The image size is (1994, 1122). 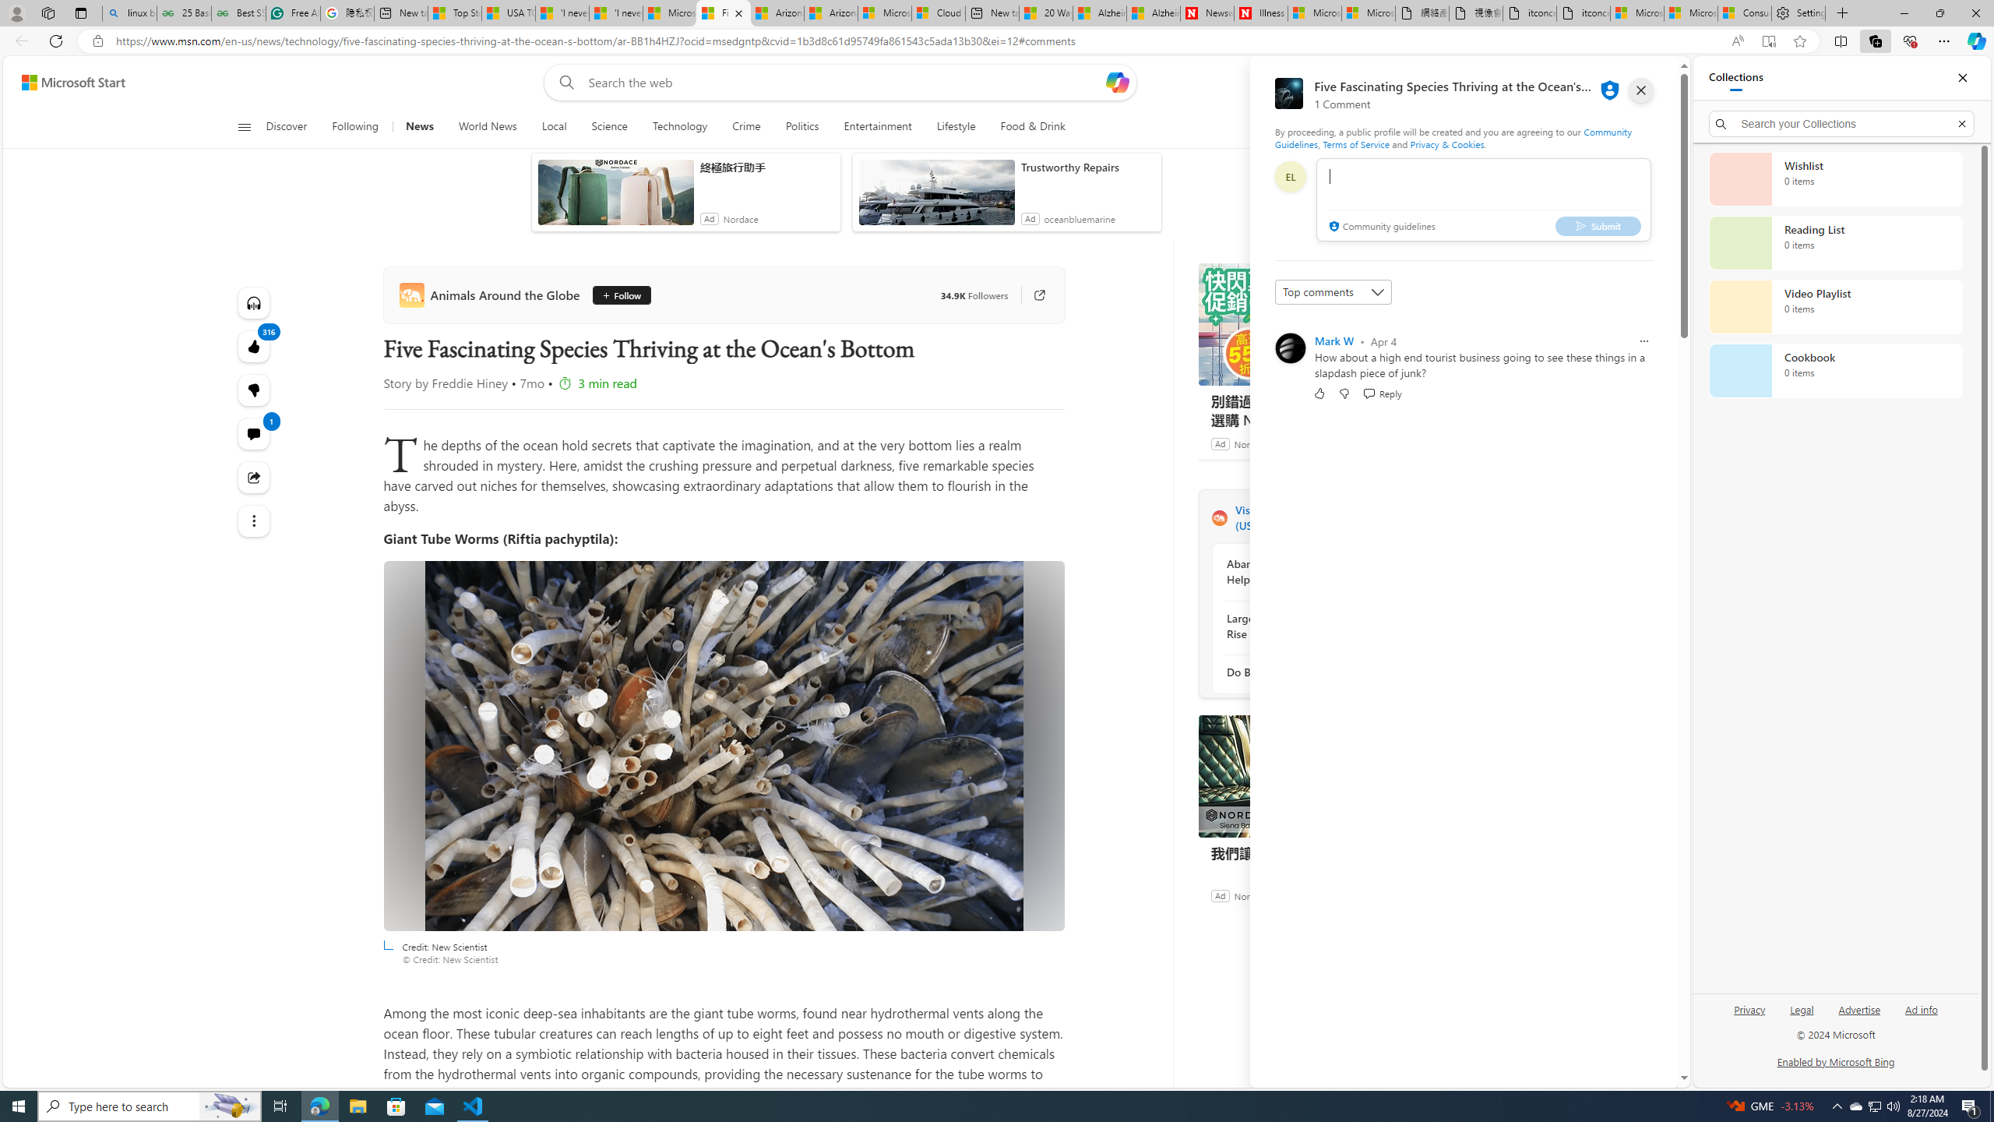 What do you see at coordinates (67, 81) in the screenshot?
I see `'Skip to content'` at bounding box center [67, 81].